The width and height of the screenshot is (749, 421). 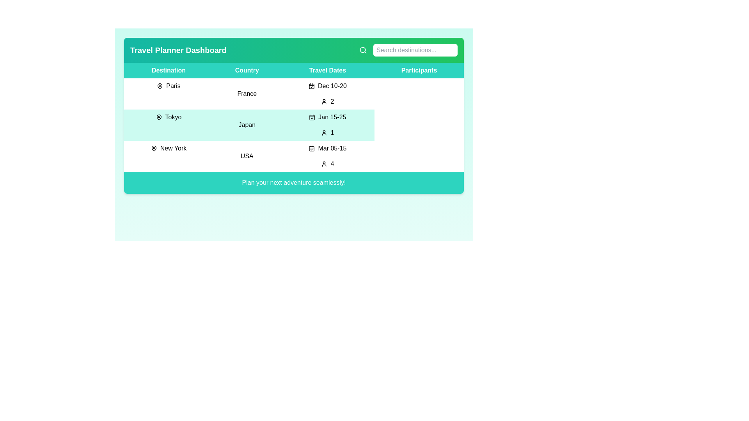 I want to click on the calendar icon with a check mark located in the 'Travel Dates' column for the 'Paris' row, preceding the text 'Dec 10-20', so click(x=311, y=86).